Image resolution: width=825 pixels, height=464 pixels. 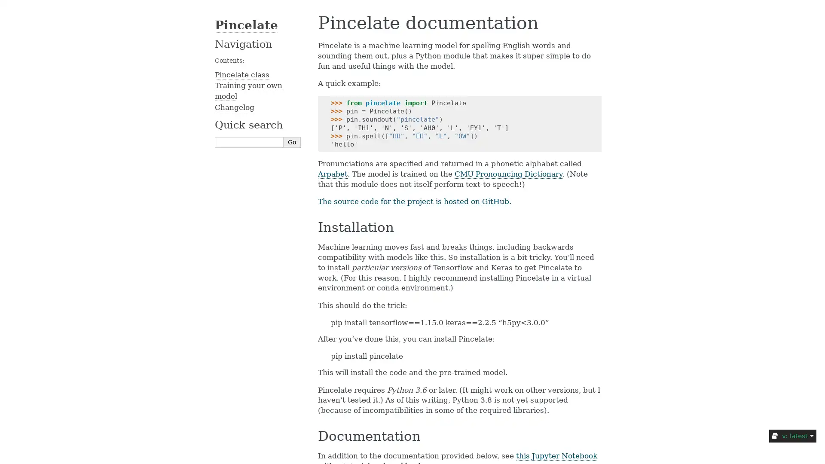 I want to click on Go, so click(x=292, y=141).